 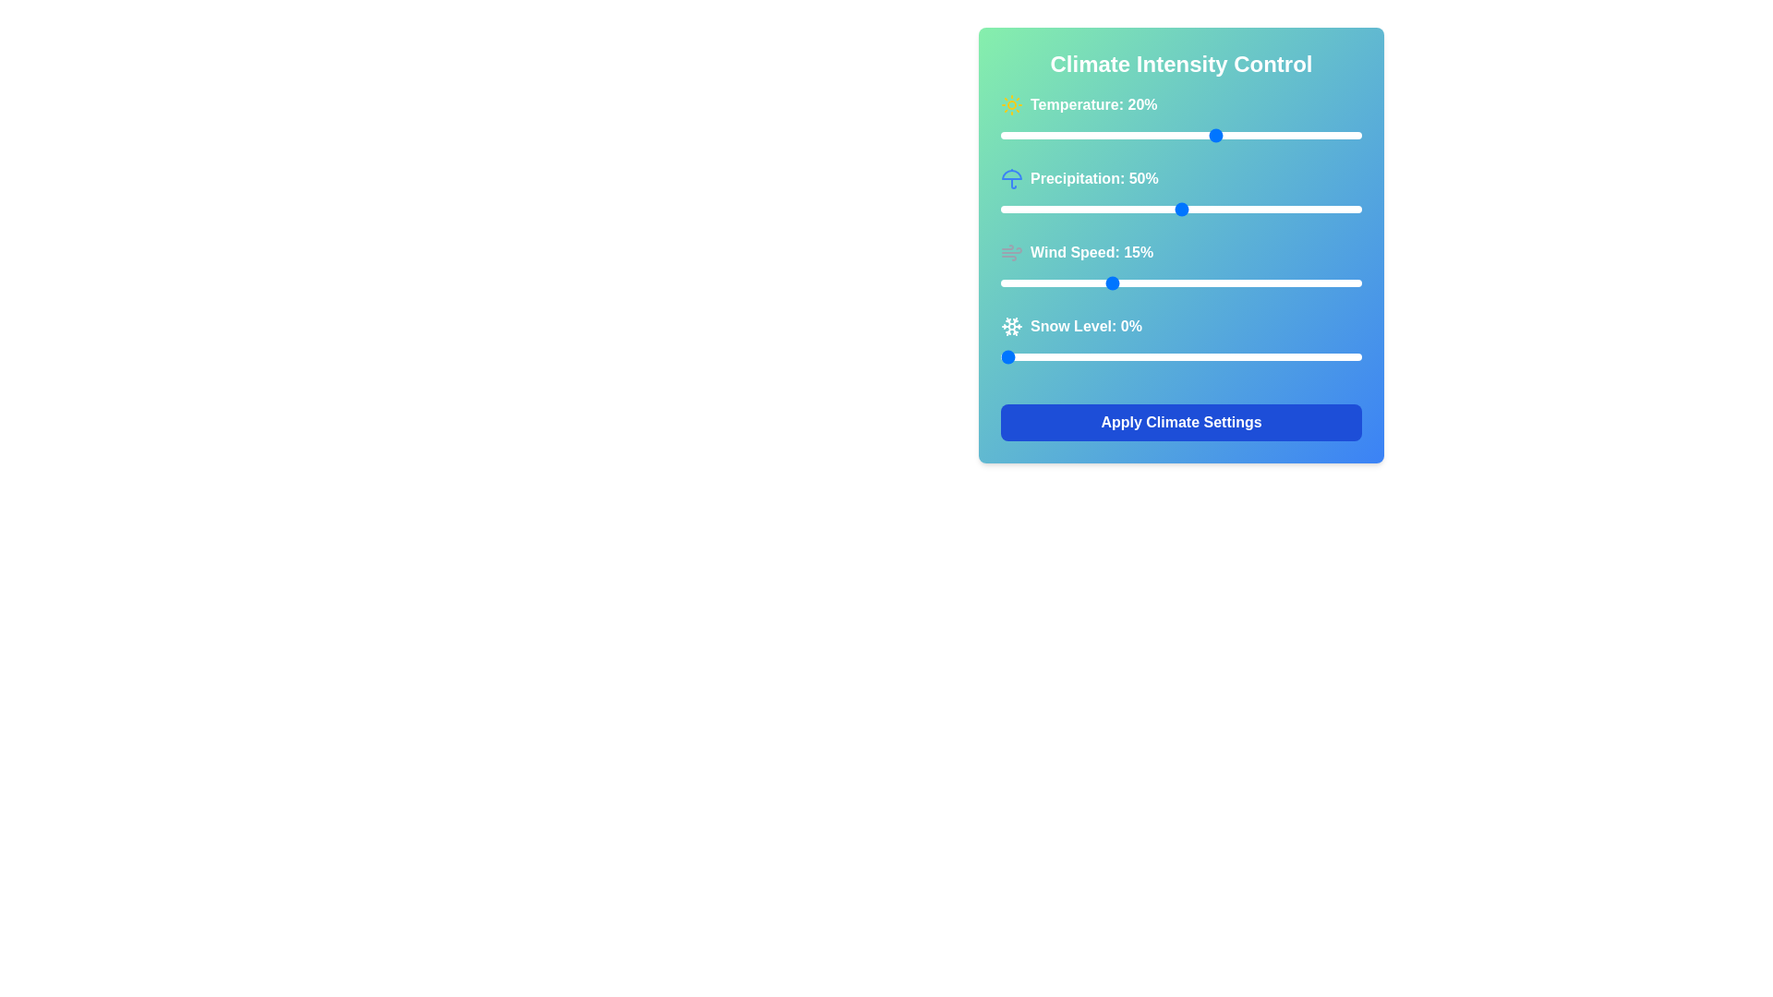 What do you see at coordinates (1314, 356) in the screenshot?
I see `the snow level` at bounding box center [1314, 356].